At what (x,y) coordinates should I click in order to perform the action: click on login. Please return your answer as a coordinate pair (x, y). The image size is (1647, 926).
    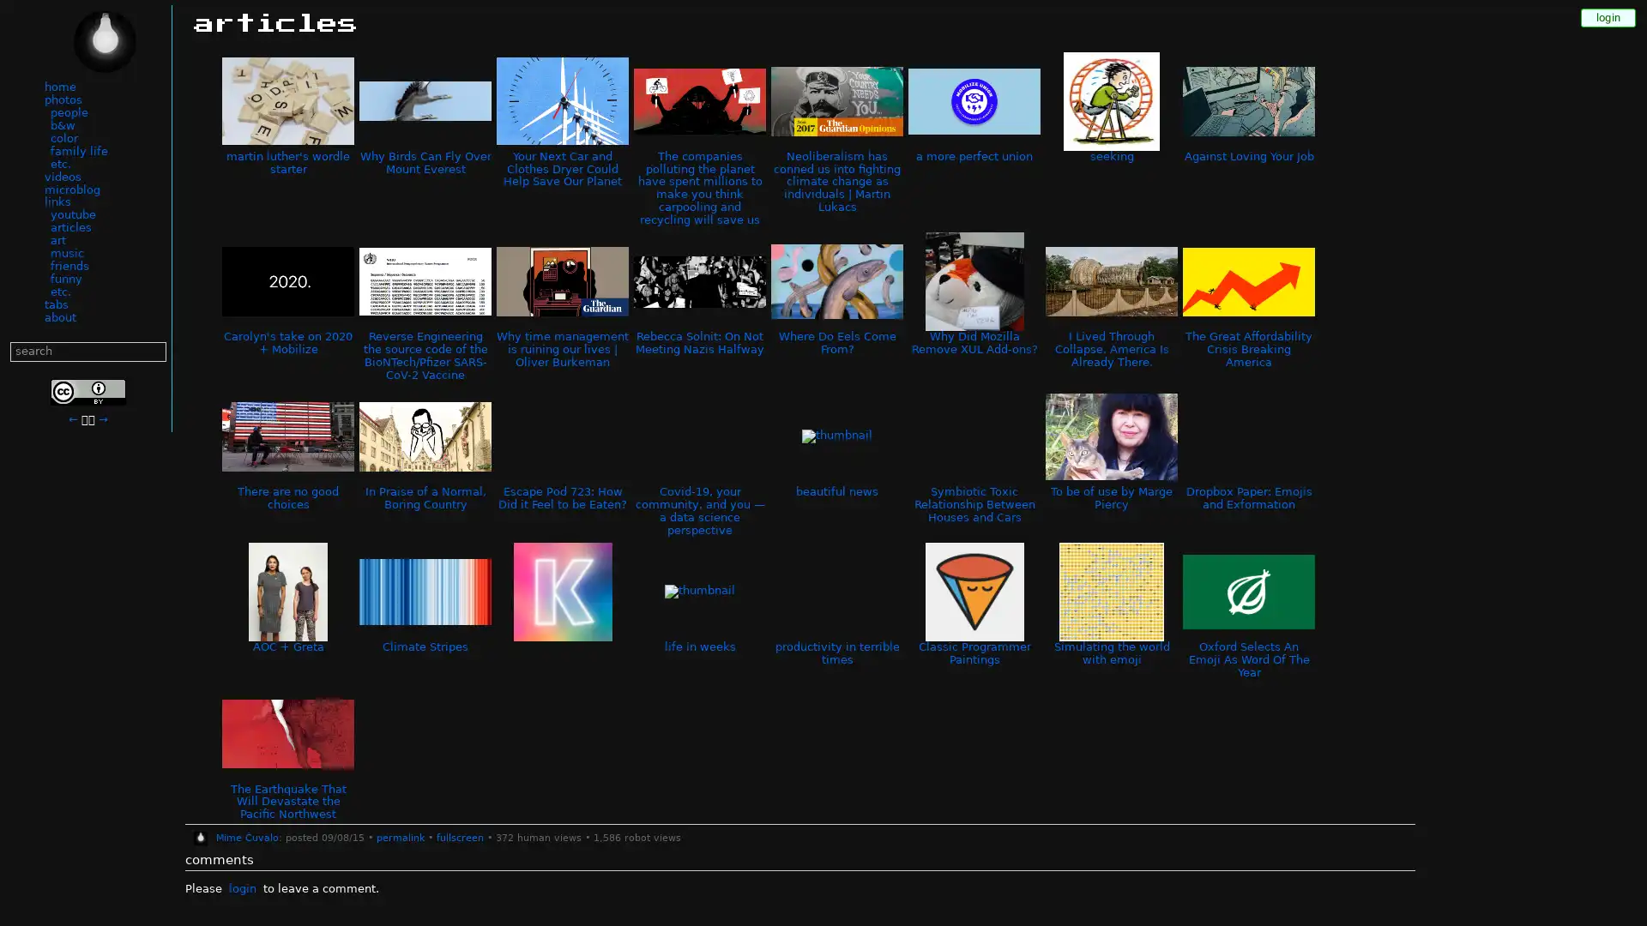
    Looking at the image, I should click on (241, 888).